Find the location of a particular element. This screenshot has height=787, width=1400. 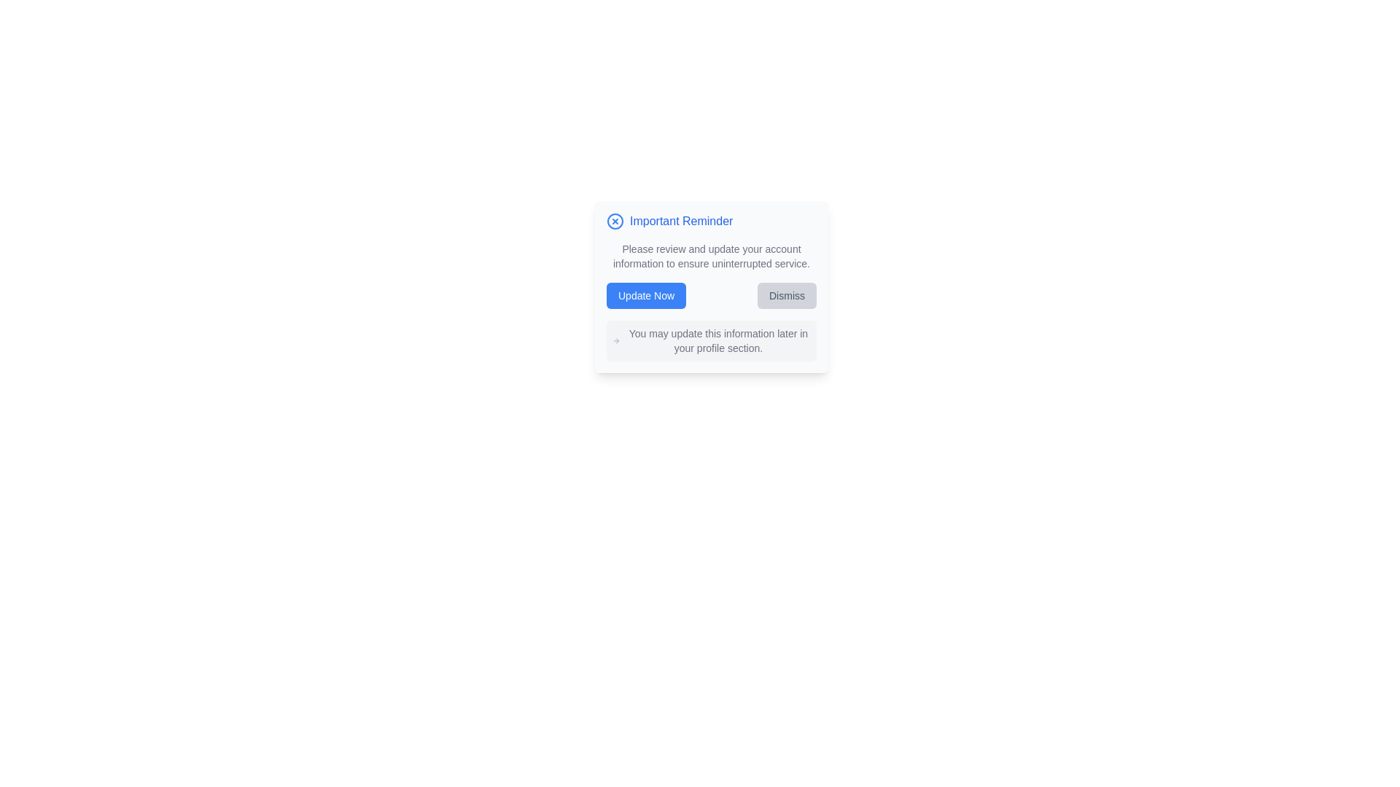

the informative text snippet that reads 'Please review and update your account information to ensure uninterrupted service.' which is positioned below the 'Important Reminder' header and above the 'Update Now' and 'Dismiss' buttons is located at coordinates (711, 255).